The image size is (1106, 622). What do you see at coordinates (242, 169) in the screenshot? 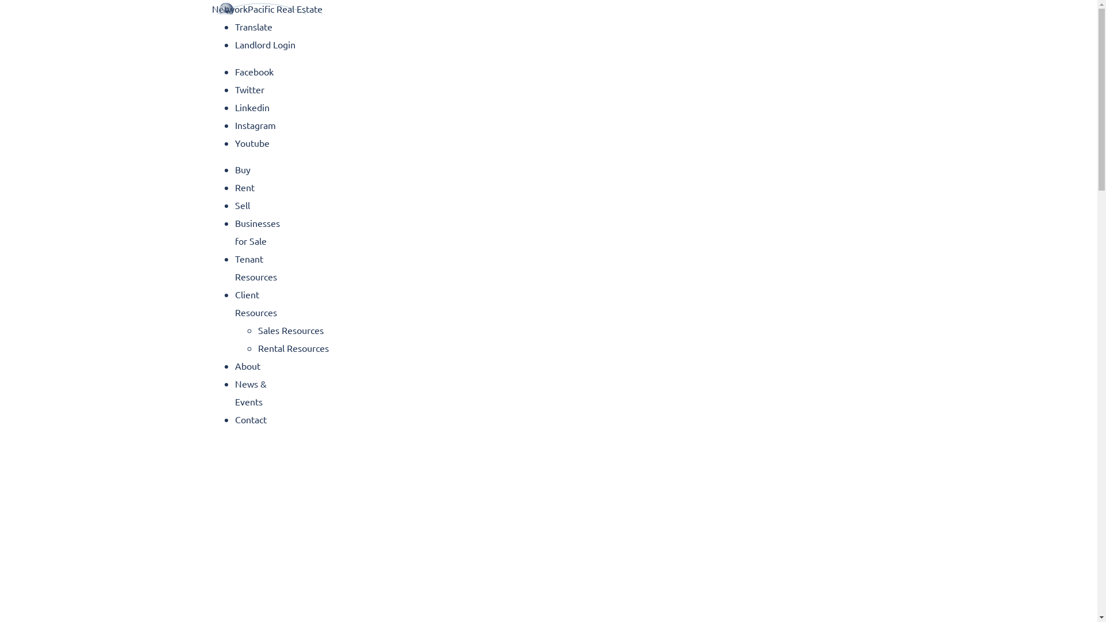
I see `'Buy'` at bounding box center [242, 169].